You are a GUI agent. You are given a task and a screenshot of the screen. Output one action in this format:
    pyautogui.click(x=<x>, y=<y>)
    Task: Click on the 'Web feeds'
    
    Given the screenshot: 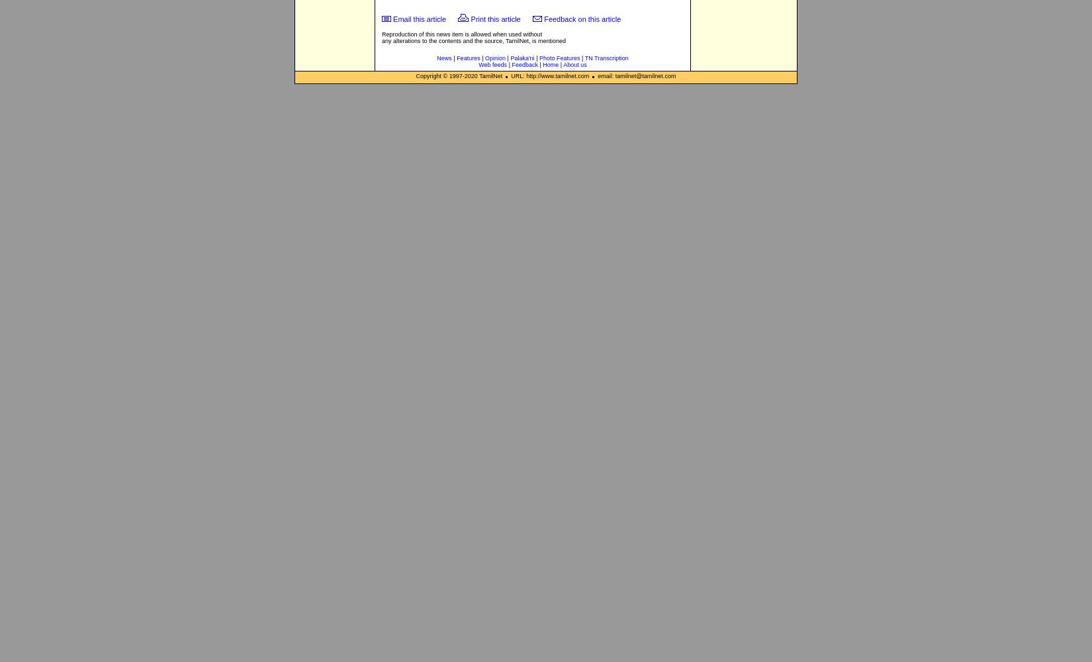 What is the action you would take?
    pyautogui.click(x=478, y=64)
    